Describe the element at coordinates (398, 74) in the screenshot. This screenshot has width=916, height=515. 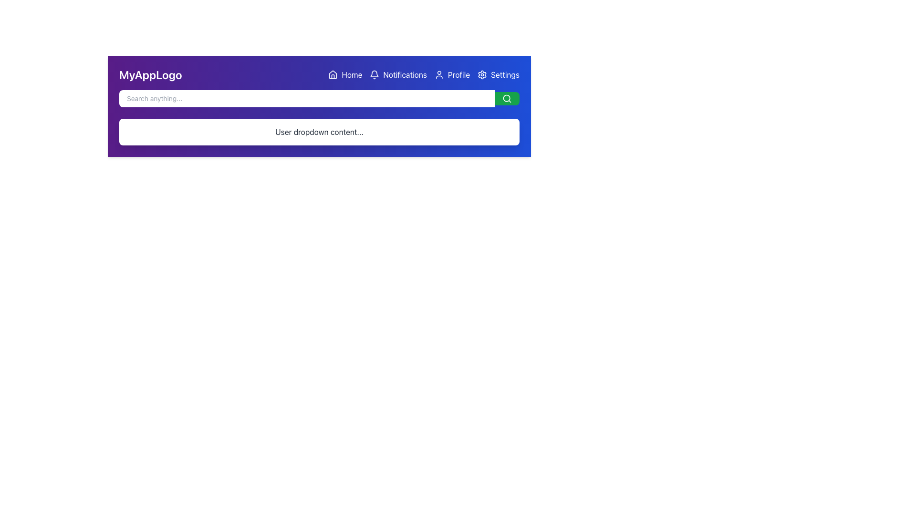
I see `the 'Notifications' button, which features a bell icon and is styled with white text on a blue background, located in the horizontal navigation bar between 'Home' and 'Profile'` at that location.